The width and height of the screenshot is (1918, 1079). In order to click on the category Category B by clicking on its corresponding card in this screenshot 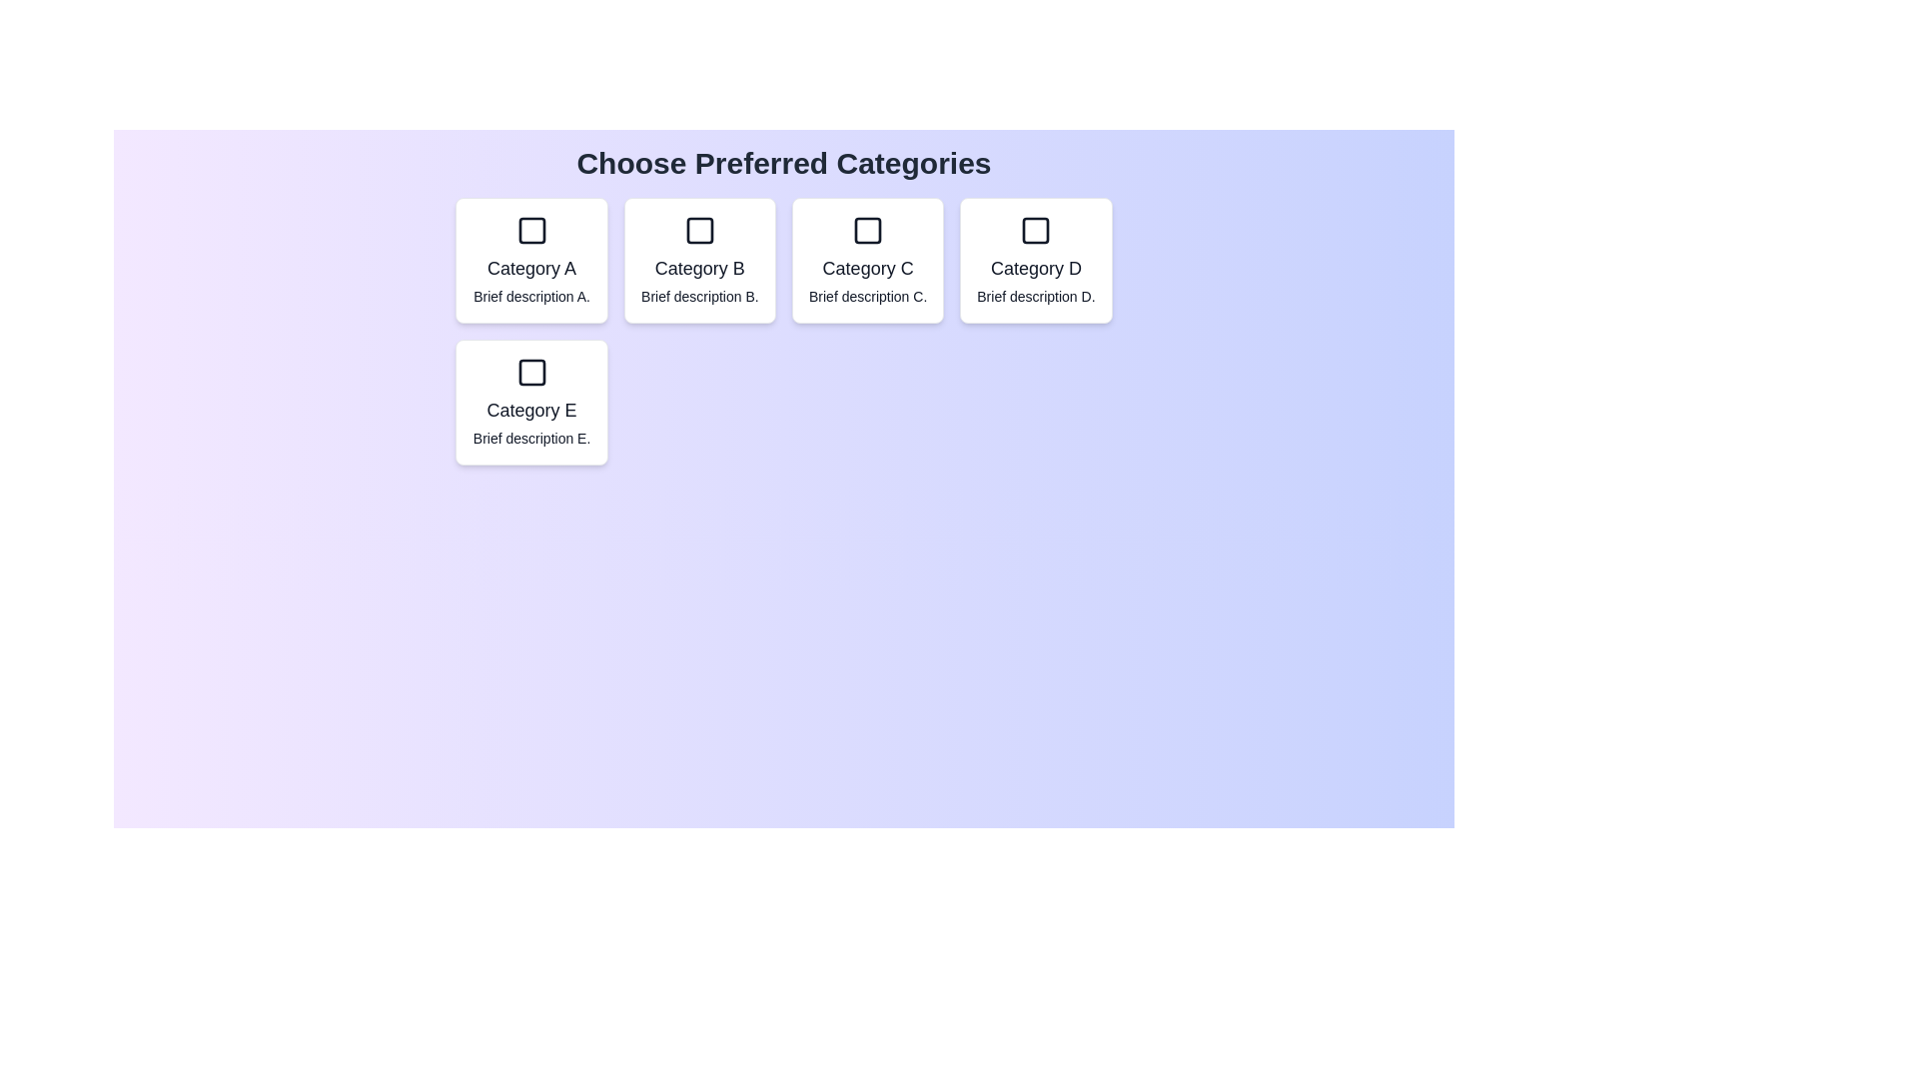, I will do `click(699, 260)`.